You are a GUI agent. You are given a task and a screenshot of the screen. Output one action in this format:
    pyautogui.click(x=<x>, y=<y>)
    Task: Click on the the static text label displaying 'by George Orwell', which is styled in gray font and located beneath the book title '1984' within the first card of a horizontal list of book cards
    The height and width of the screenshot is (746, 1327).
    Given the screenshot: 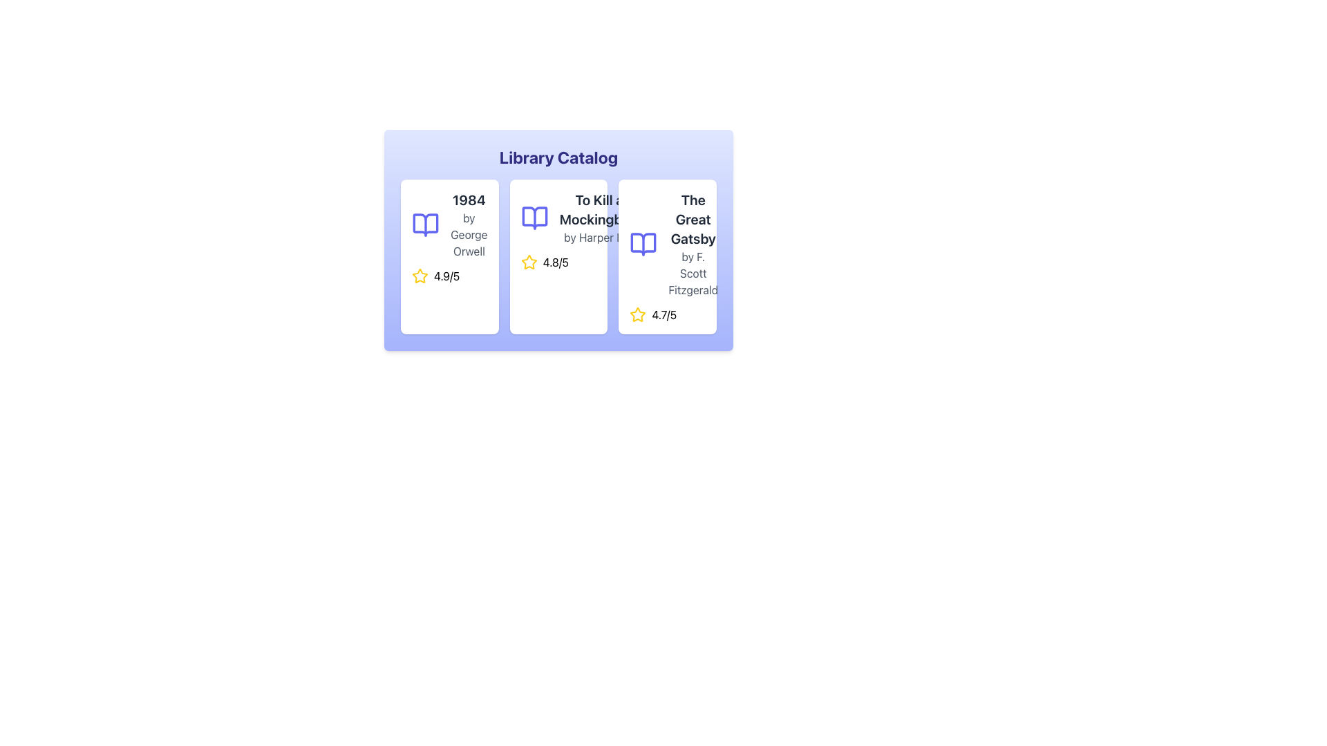 What is the action you would take?
    pyautogui.click(x=469, y=233)
    